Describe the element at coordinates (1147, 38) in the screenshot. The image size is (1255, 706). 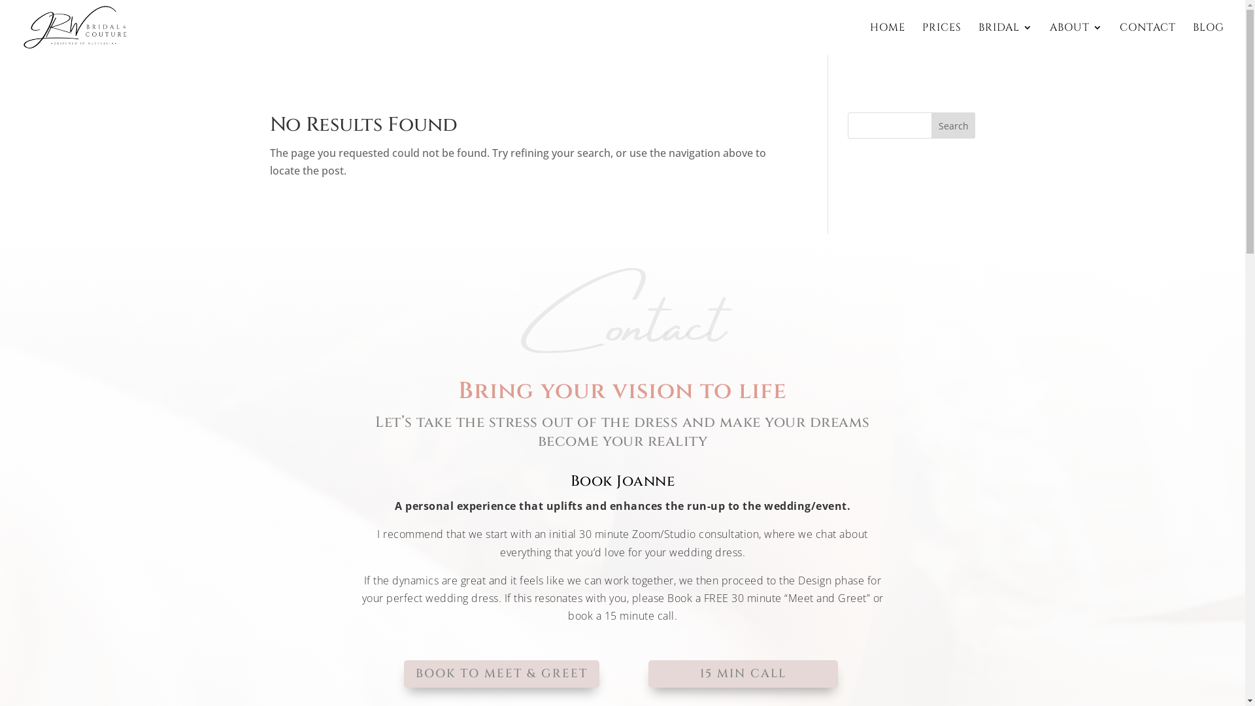
I see `'CONTACT'` at that location.